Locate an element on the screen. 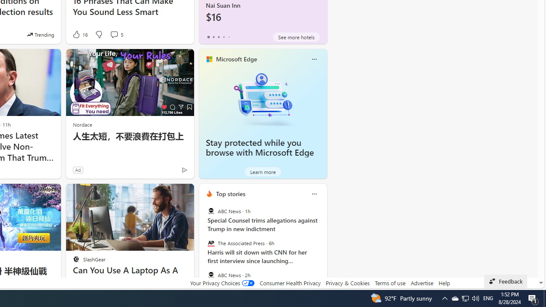 The height and width of the screenshot is (307, 546). 'Terms of use' is located at coordinates (389, 283).